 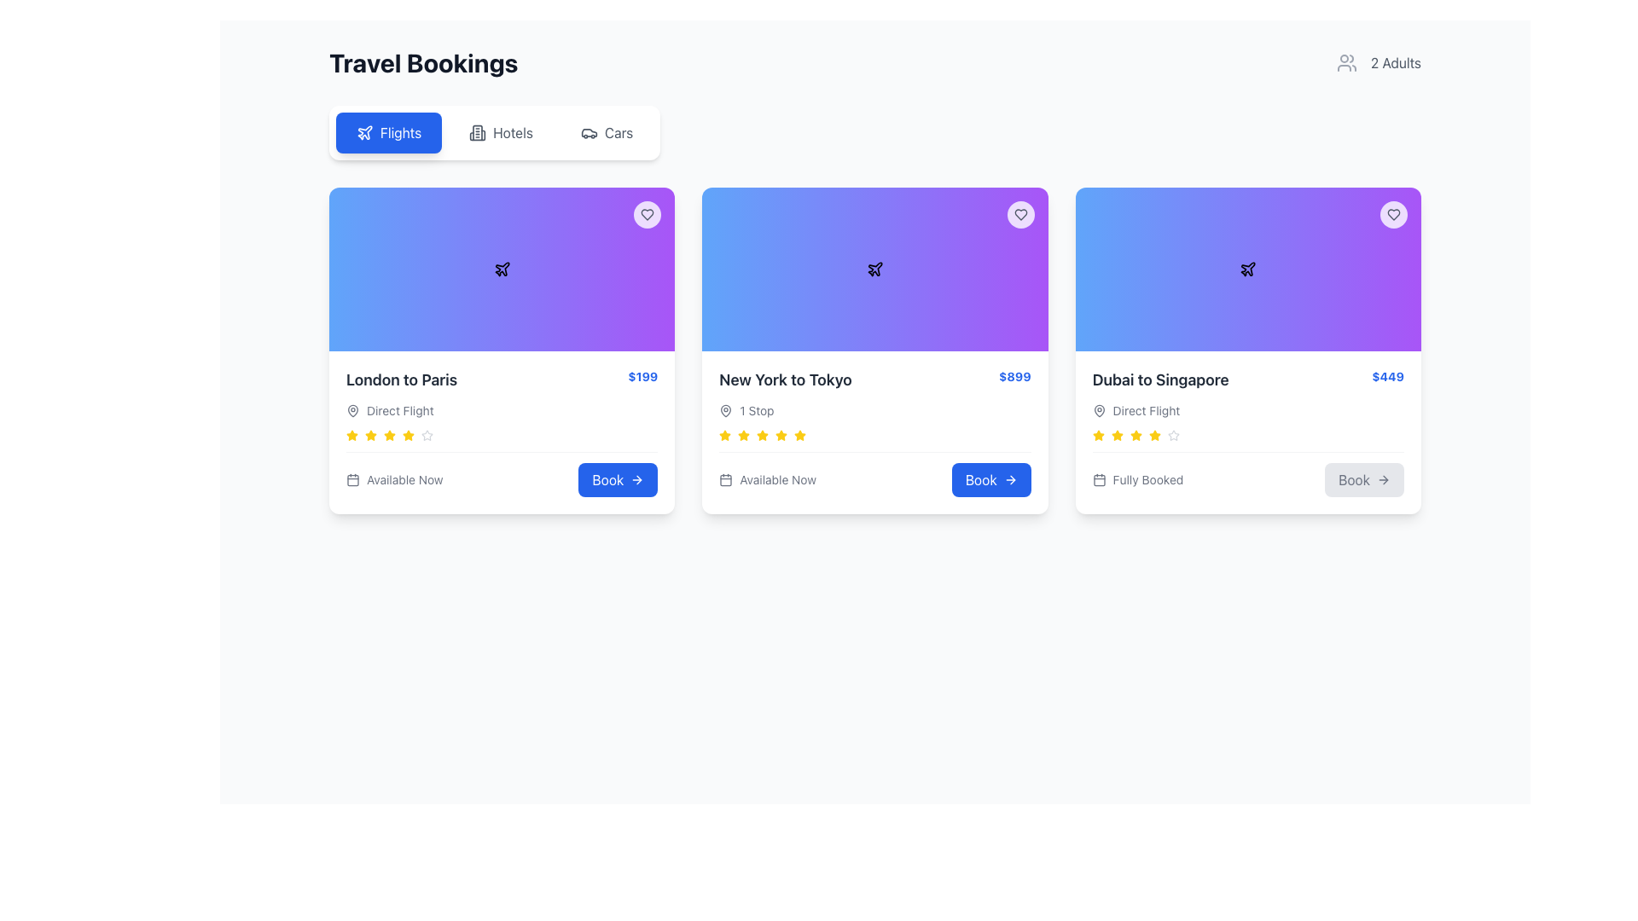 What do you see at coordinates (1172, 434) in the screenshot?
I see `the fifth hollow star in the rating star indicator below the 'Dubai to Singapore' card, which is outlined in gray and unfilled, contrasting with the nearby yellow-filled stars` at bounding box center [1172, 434].